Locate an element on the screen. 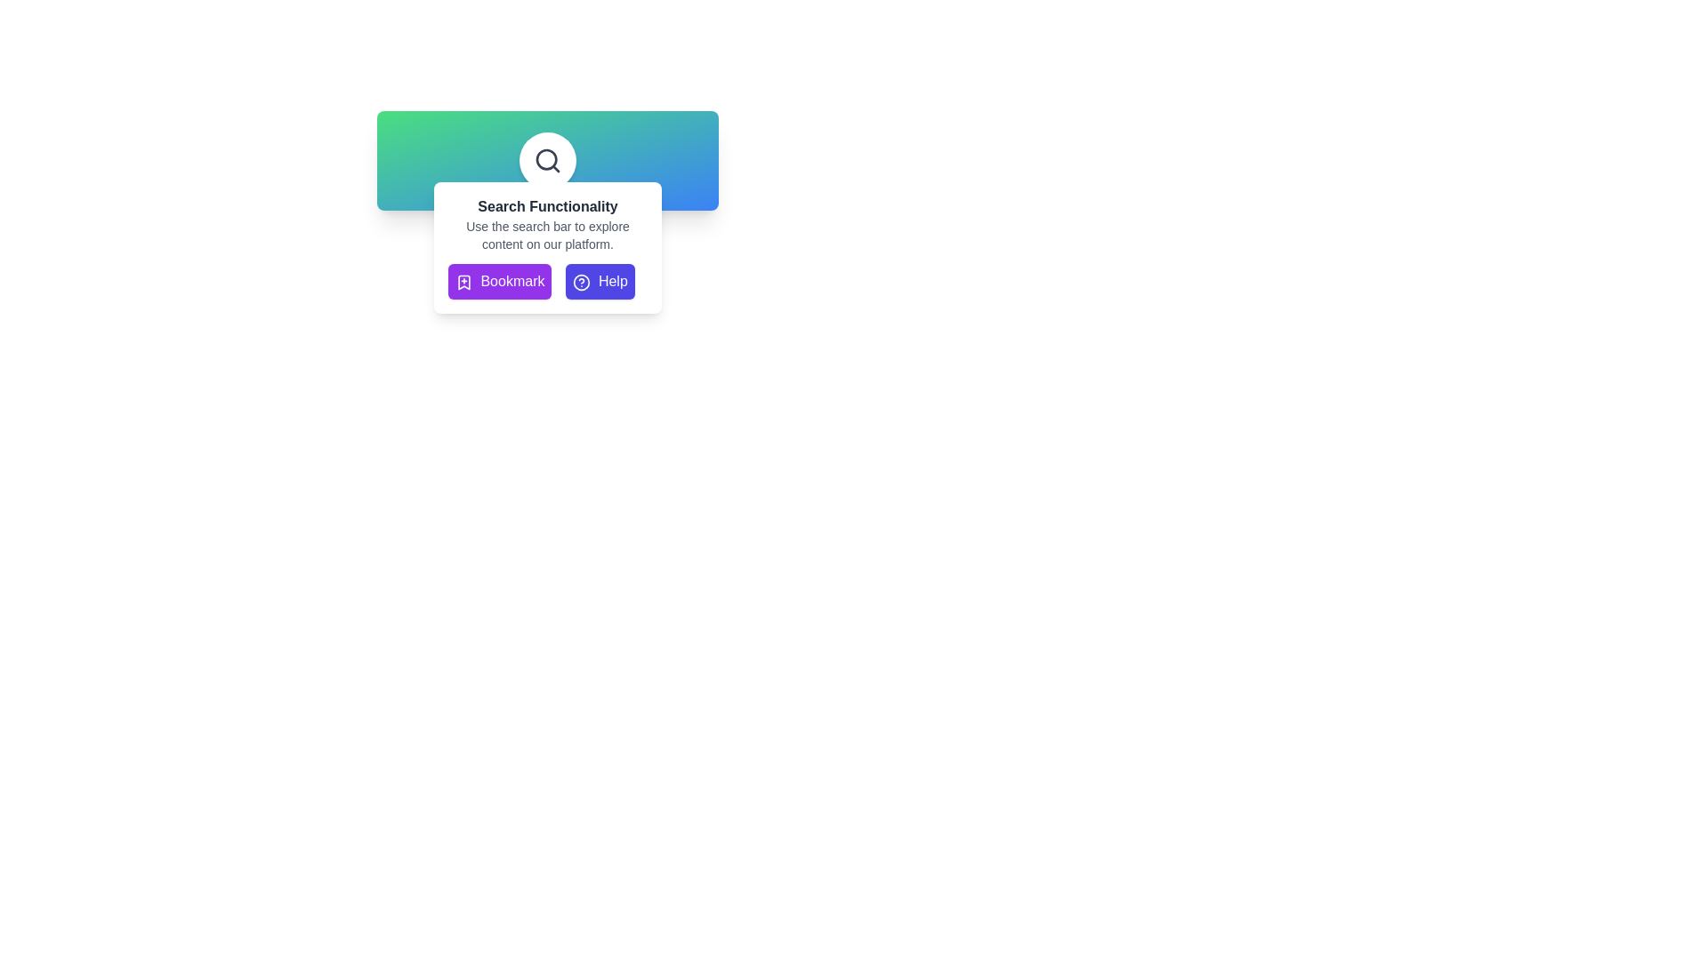  the help icon, which is a circular graphic with a question mark inside, located within the 'Help' button to the right of the 'Bookmark' button is located at coordinates (582, 281).